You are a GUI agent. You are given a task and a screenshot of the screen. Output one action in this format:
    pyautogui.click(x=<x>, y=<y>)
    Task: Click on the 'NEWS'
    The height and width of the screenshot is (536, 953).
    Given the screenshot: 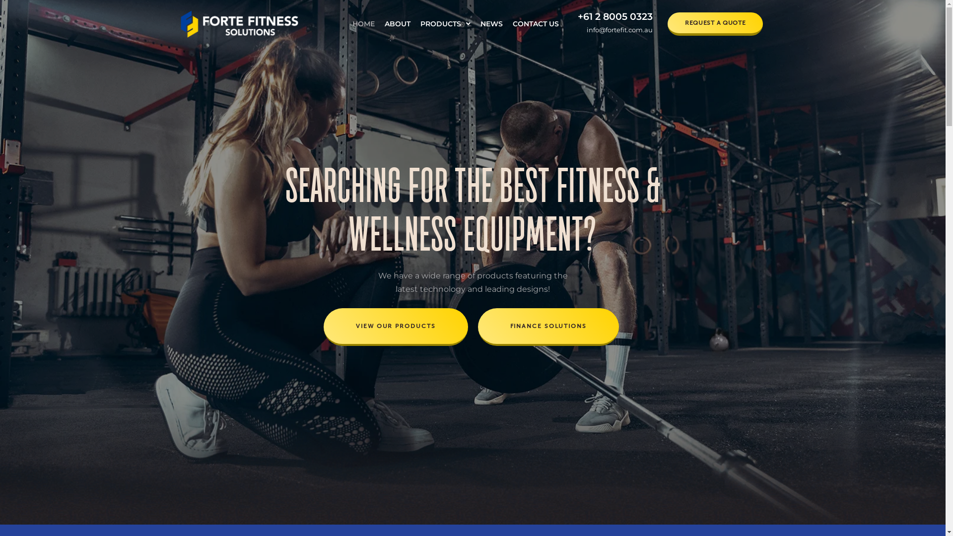 What is the action you would take?
    pyautogui.click(x=491, y=23)
    